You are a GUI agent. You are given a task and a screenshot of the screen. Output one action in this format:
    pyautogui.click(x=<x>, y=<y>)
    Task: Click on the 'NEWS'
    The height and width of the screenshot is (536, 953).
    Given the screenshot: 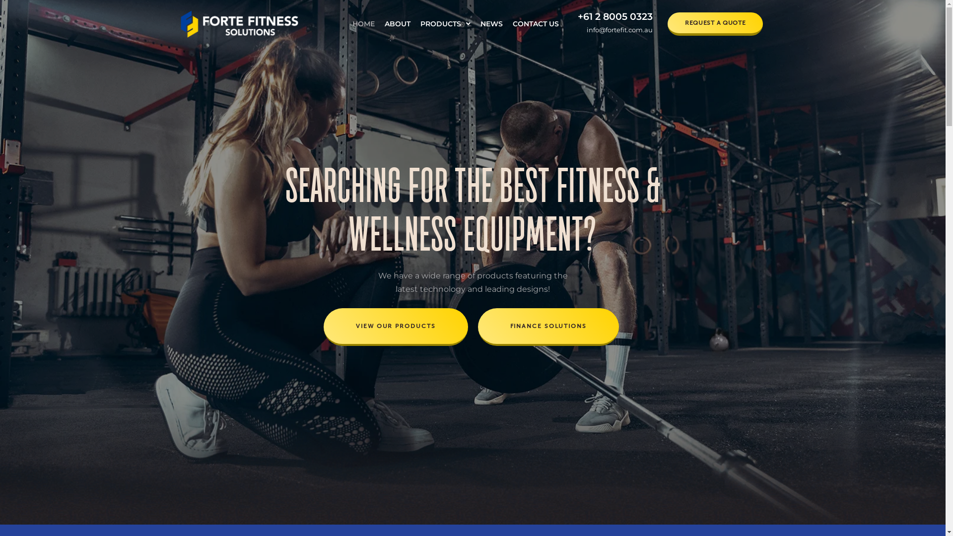 What is the action you would take?
    pyautogui.click(x=491, y=23)
    